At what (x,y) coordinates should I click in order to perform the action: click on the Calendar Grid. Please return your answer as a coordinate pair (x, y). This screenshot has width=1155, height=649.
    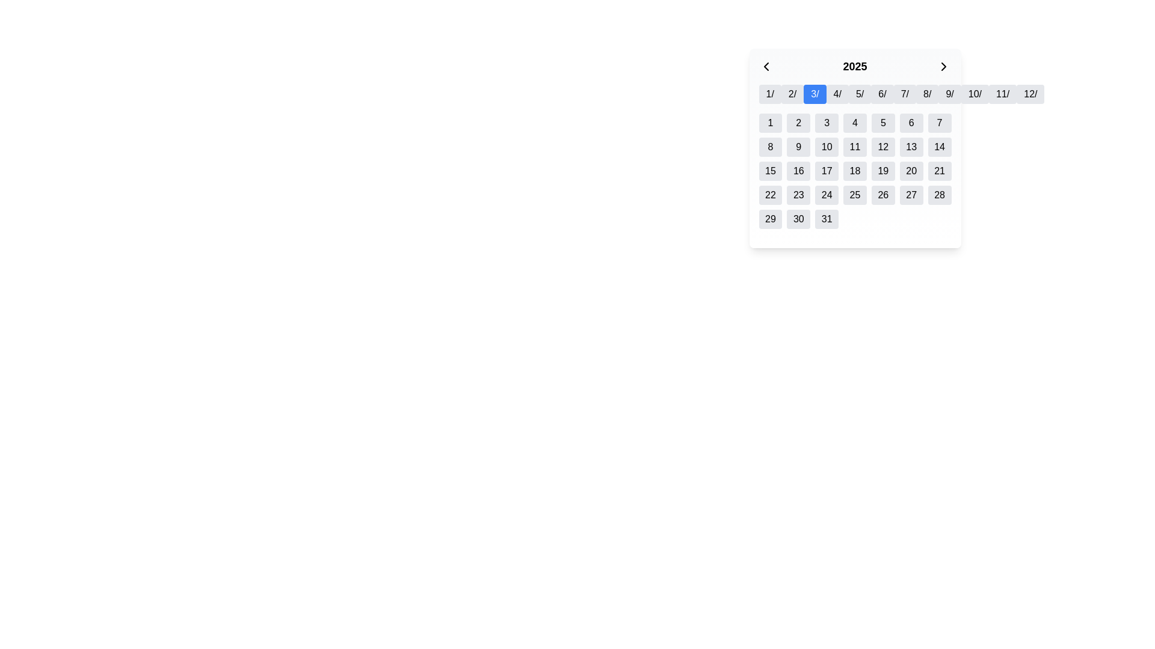
    Looking at the image, I should click on (854, 171).